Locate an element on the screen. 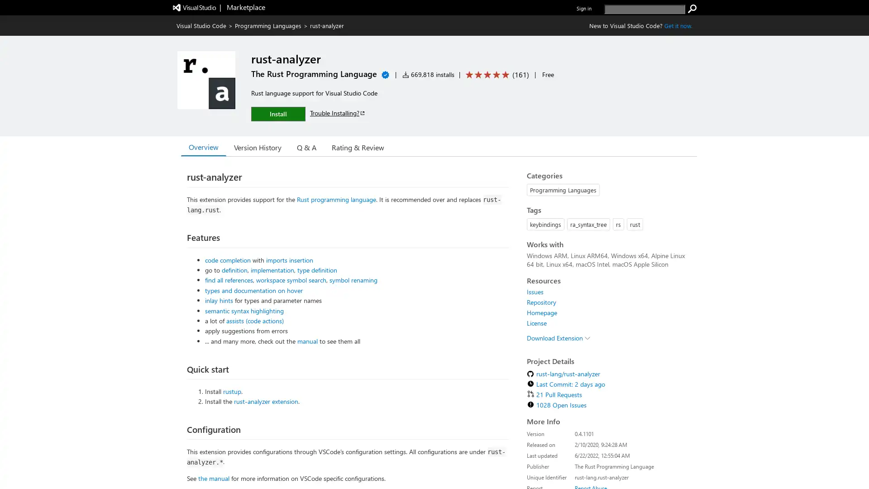 The image size is (869, 489). Q & A is located at coordinates (306, 146).